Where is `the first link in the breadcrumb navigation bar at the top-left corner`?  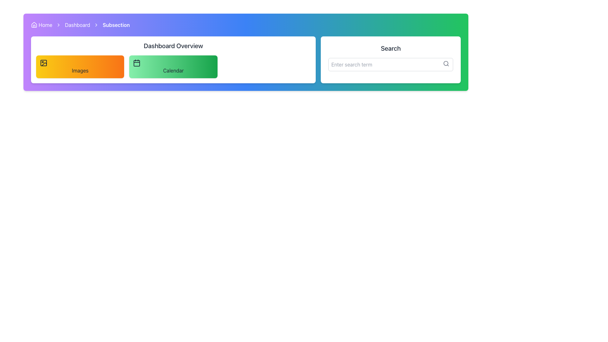
the first link in the breadcrumb navigation bar at the top-left corner is located at coordinates (41, 24).